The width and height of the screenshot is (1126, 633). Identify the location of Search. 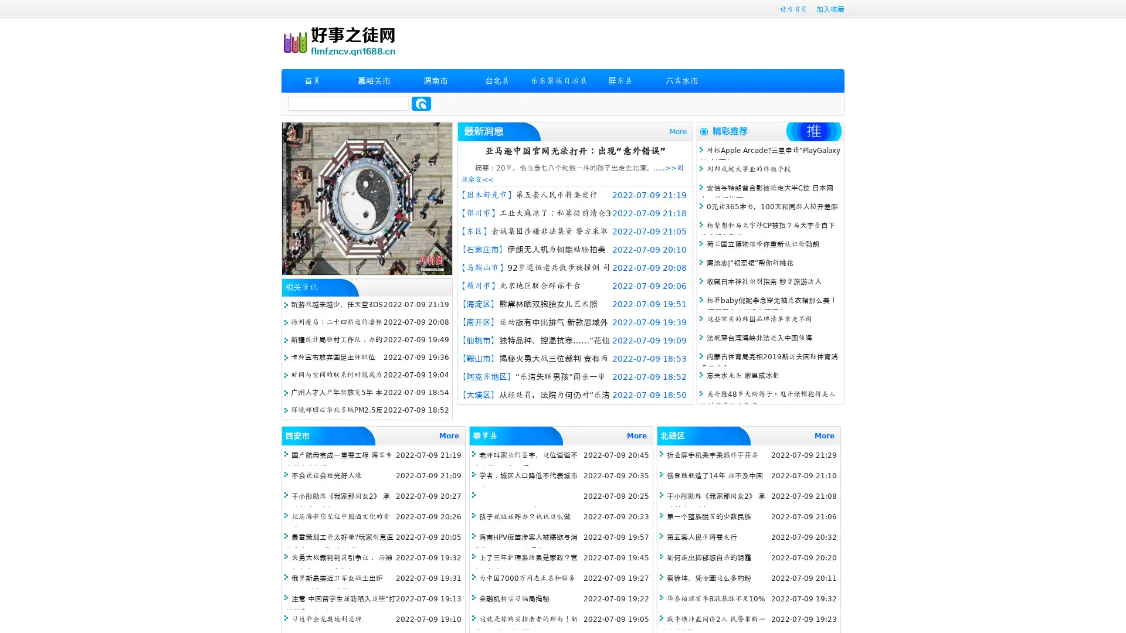
(421, 103).